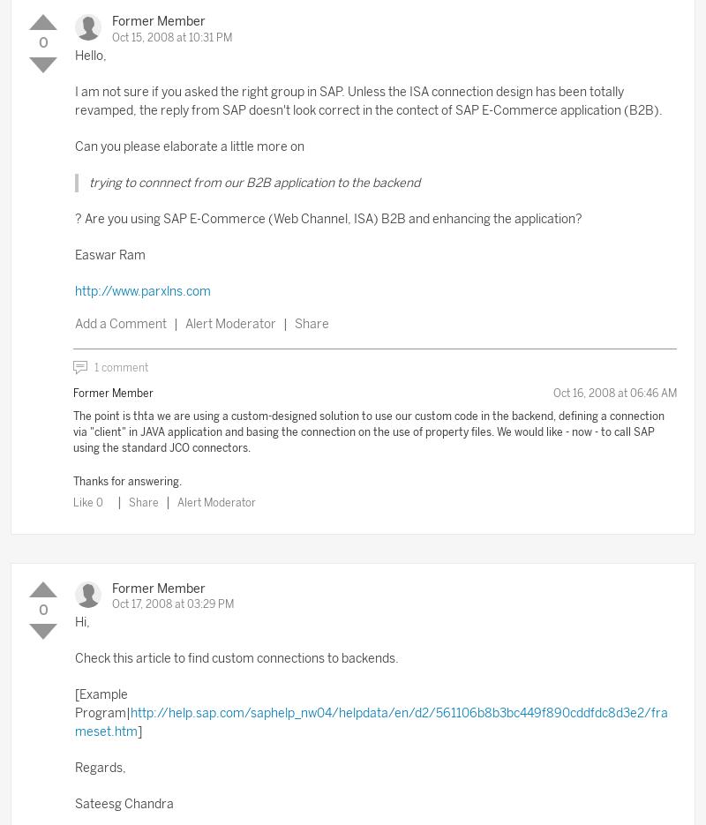 The image size is (706, 825). What do you see at coordinates (369, 99) in the screenshot?
I see `'I am not sure if you asked the right group in SAP. Unless the ISA connection design has been totally revamped, the reply from SAP doesn't look correct in the contect of SAP E-Commerce application (B2B).'` at bounding box center [369, 99].